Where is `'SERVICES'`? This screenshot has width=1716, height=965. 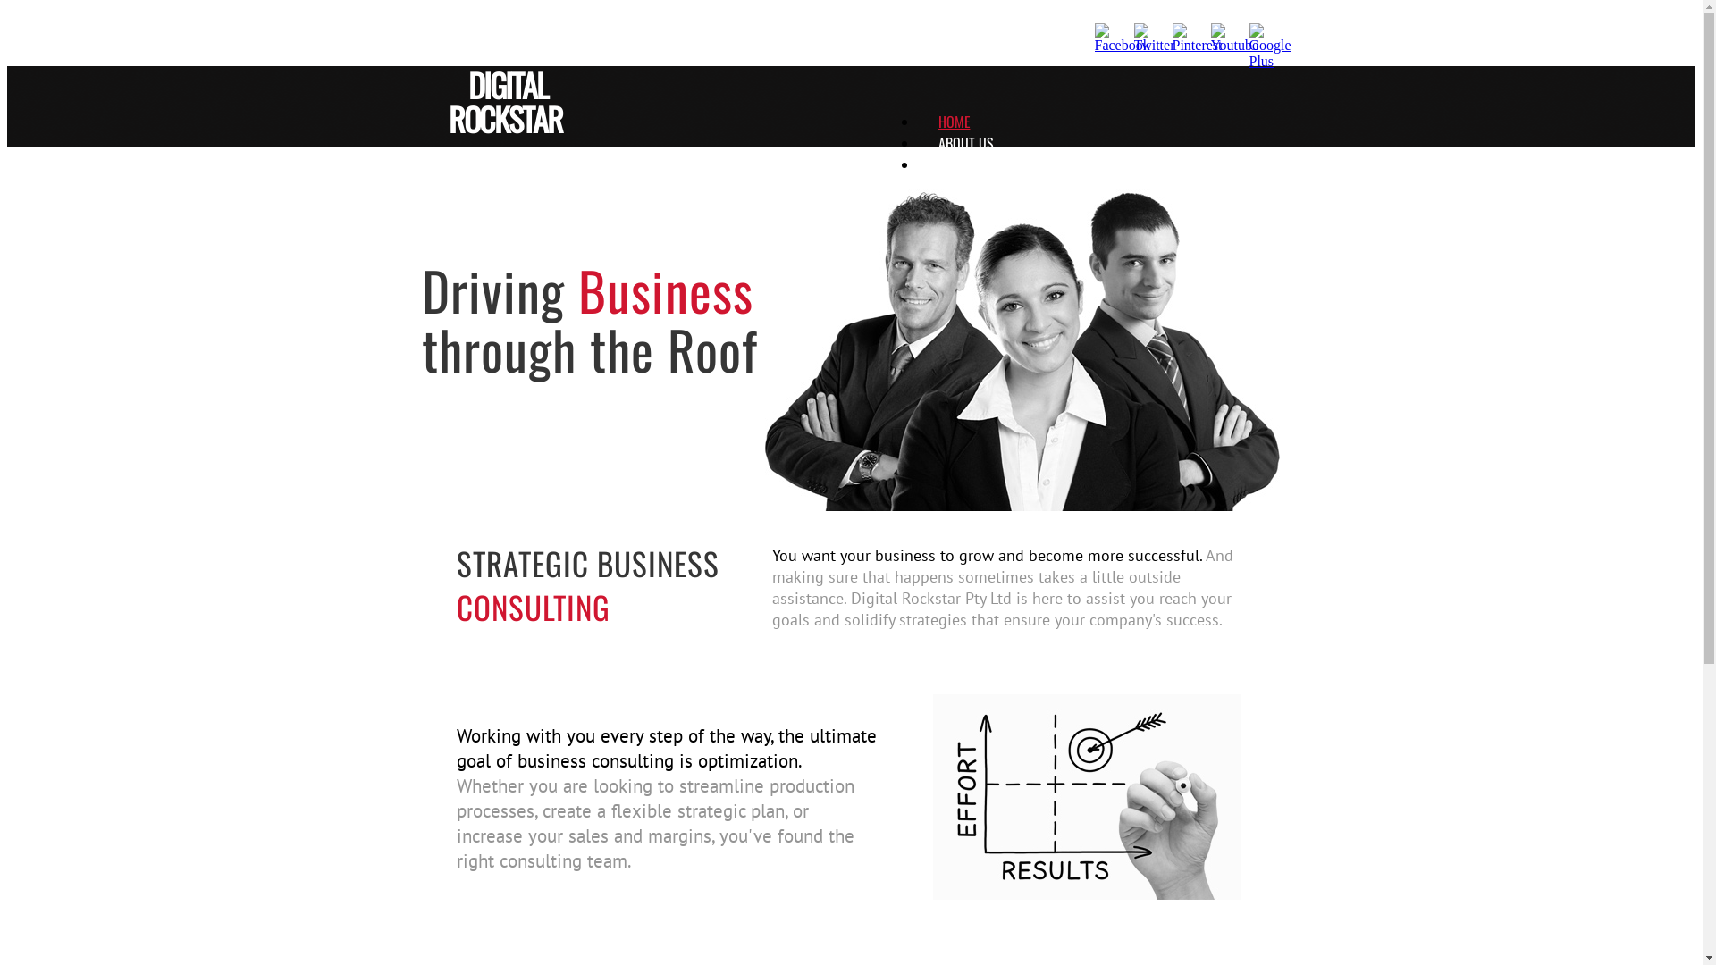
'SERVICES' is located at coordinates (938, 164).